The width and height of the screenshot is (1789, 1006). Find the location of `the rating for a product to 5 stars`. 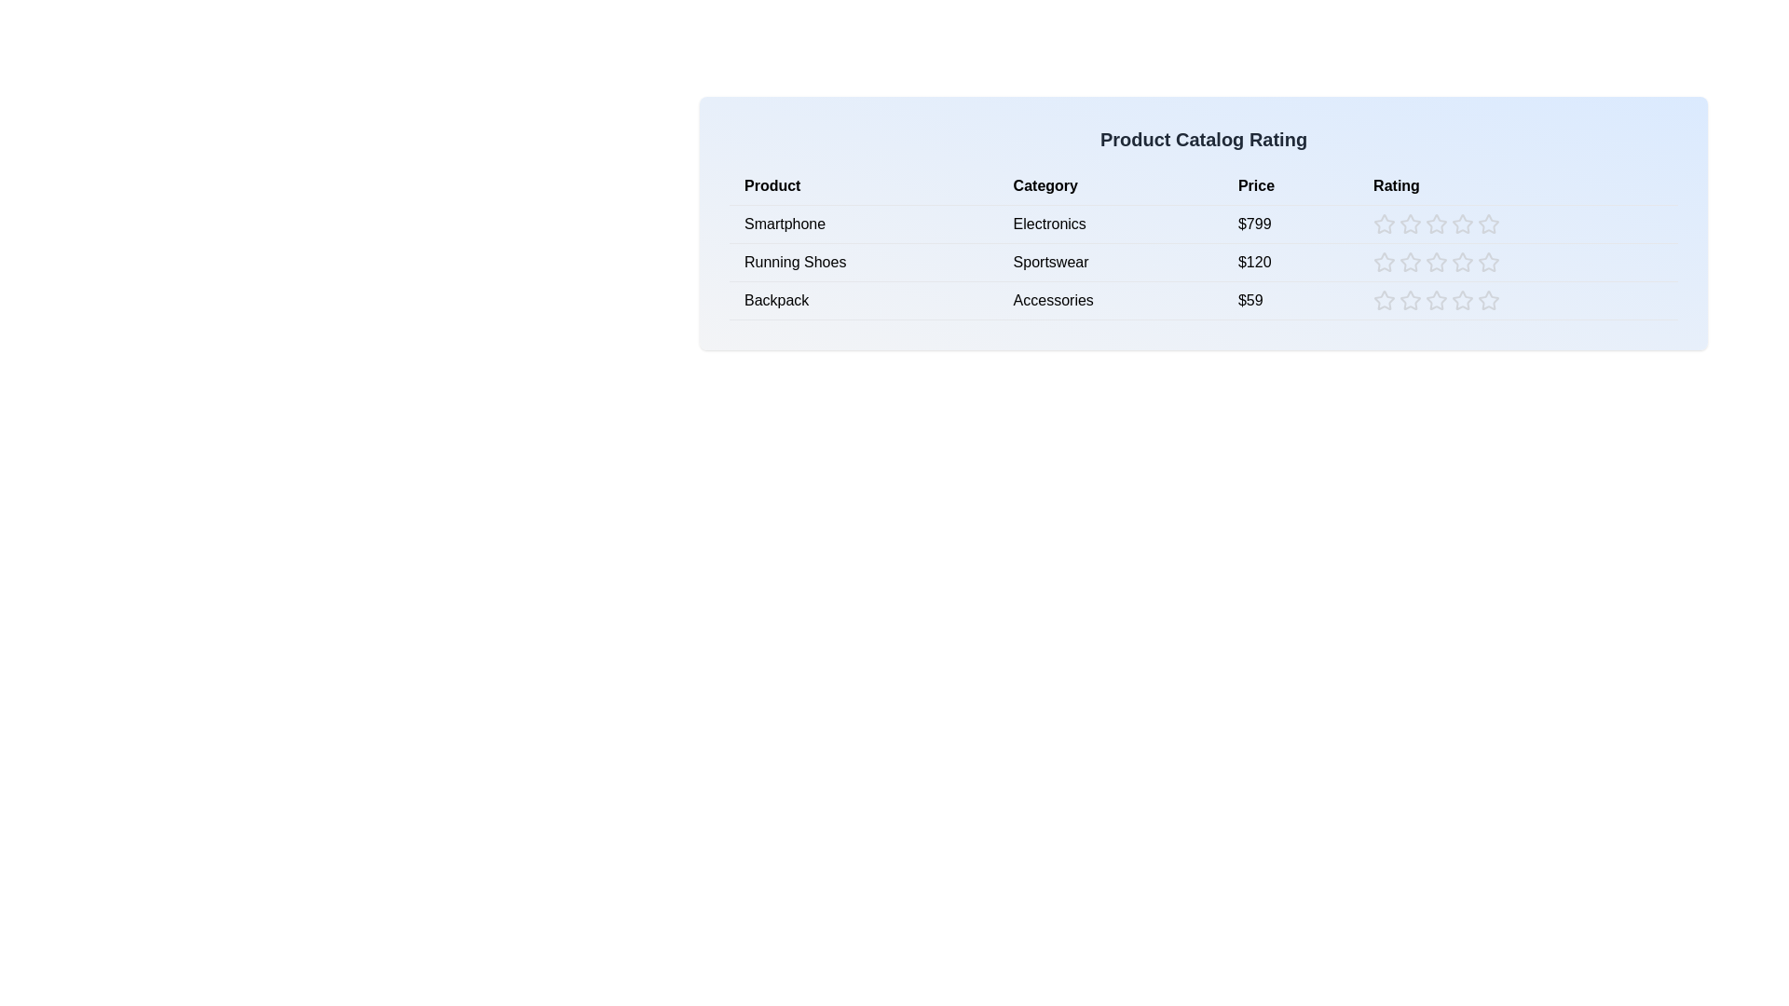

the rating for a product to 5 stars is located at coordinates (1488, 223).